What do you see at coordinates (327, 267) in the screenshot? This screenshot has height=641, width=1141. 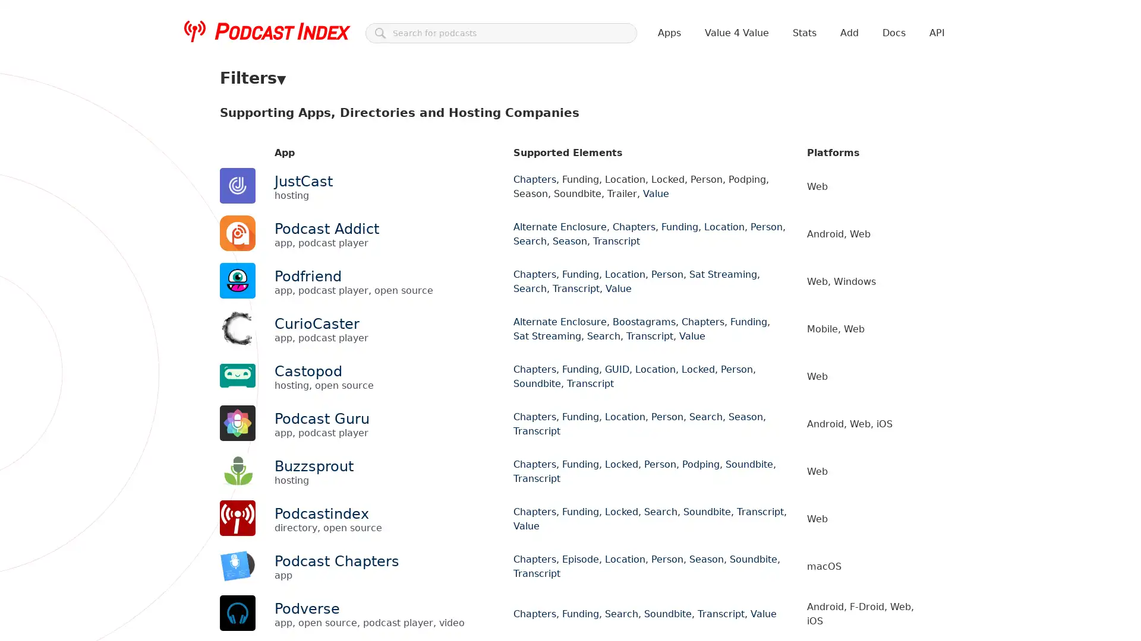 I see `Wordpress` at bounding box center [327, 267].